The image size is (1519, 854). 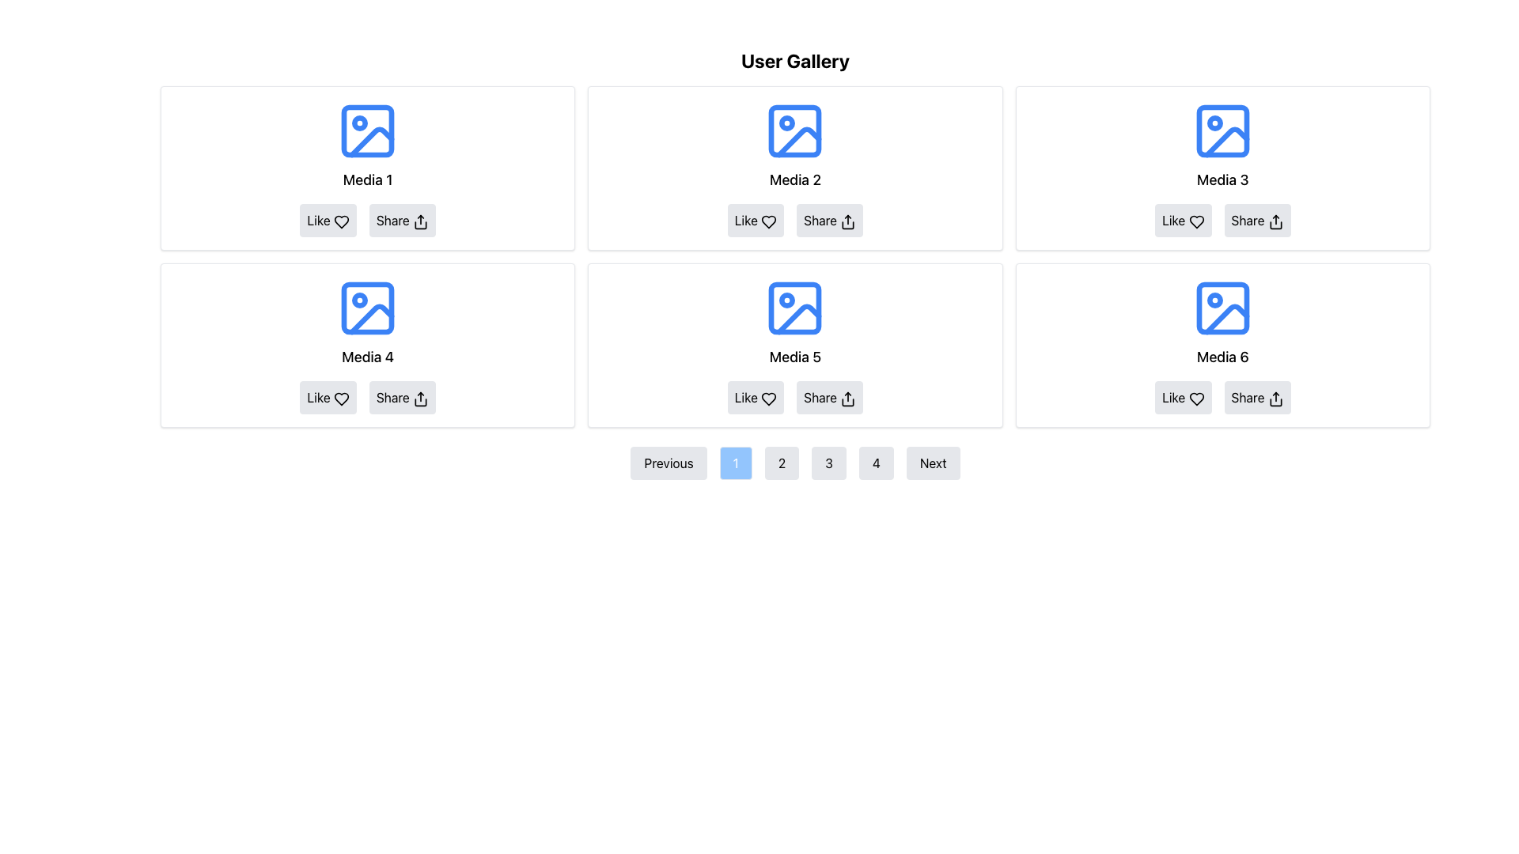 What do you see at coordinates (359, 122) in the screenshot?
I see `the small circular shape with a solid blue outline located in the upper left area of the first media card's image icon in the gallery` at bounding box center [359, 122].